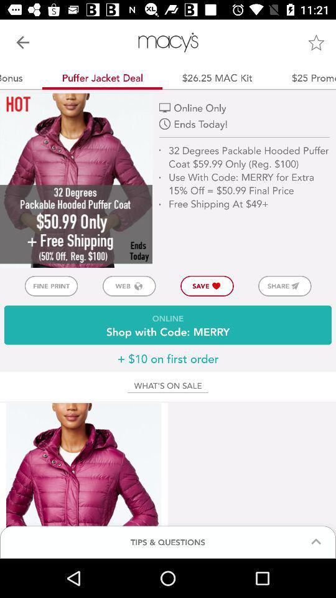 This screenshot has height=598, width=336. What do you see at coordinates (284, 286) in the screenshot?
I see `the icon below 32 degrees packable item` at bounding box center [284, 286].